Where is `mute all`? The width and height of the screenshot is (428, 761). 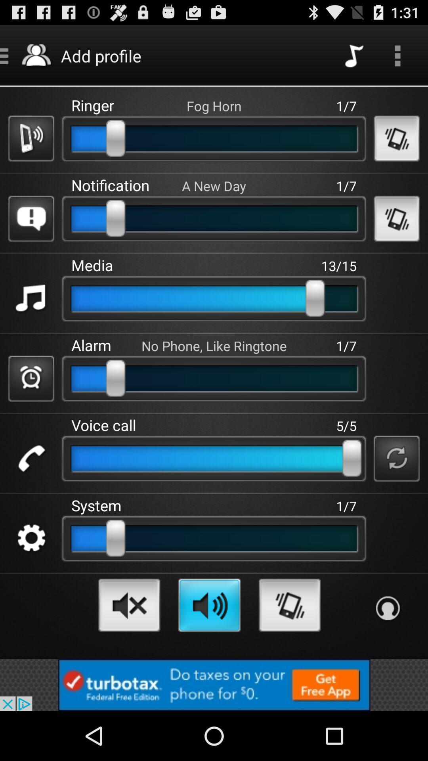 mute all is located at coordinates (129, 604).